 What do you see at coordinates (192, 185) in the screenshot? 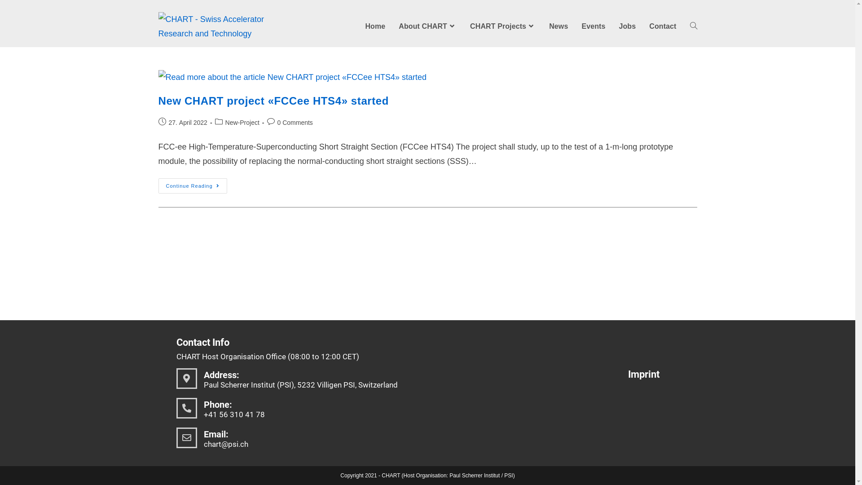
I see `'Continue Reading'` at bounding box center [192, 185].